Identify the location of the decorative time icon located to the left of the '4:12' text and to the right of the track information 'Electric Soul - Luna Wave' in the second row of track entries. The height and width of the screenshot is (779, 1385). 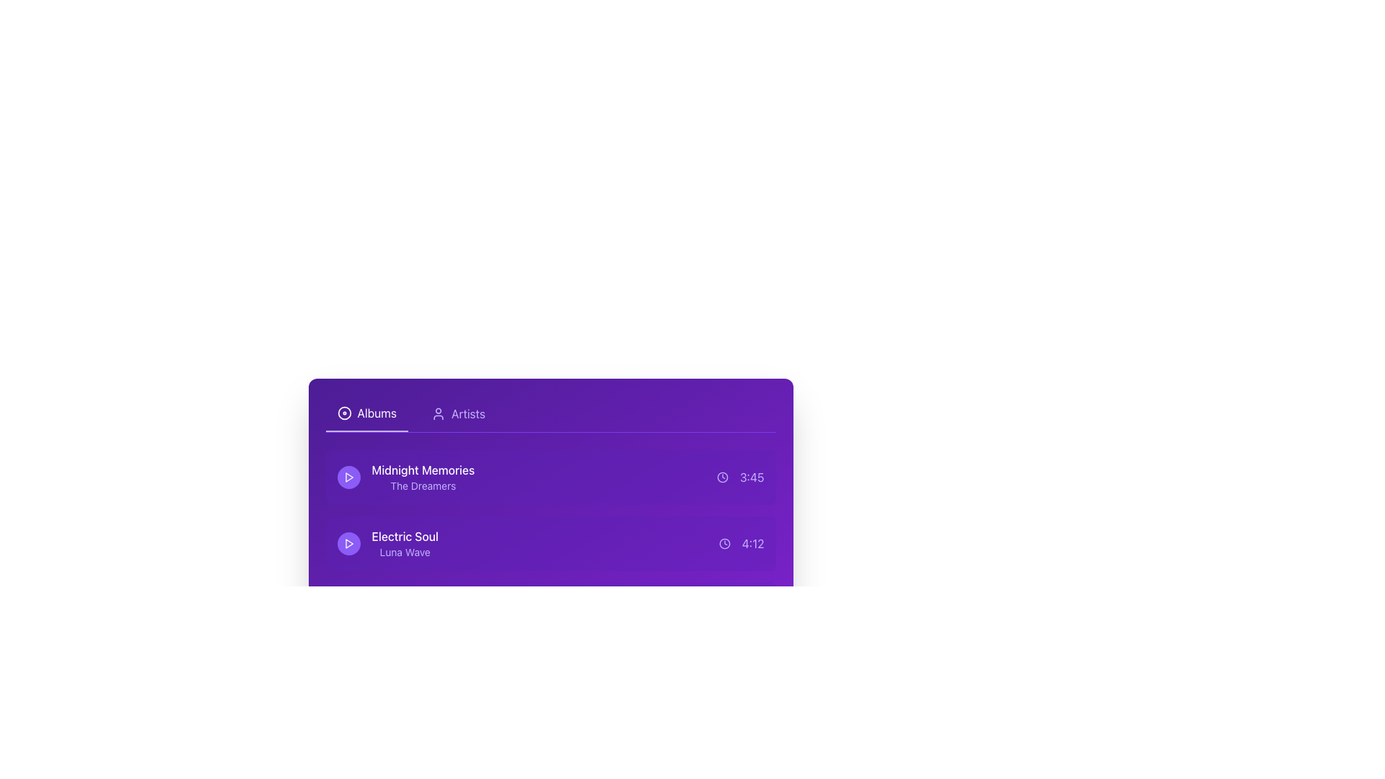
(724, 543).